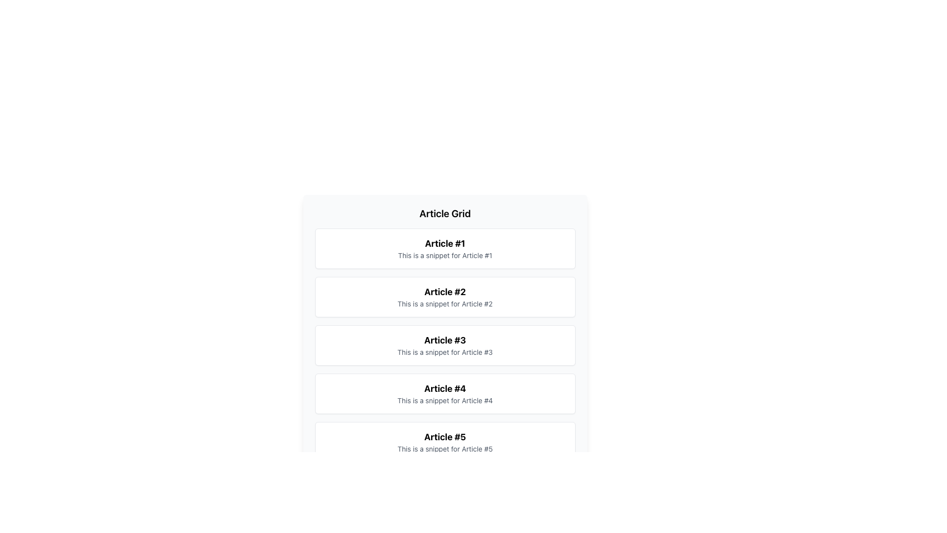 This screenshot has width=947, height=533. I want to click on the text snippet containing 'This is a snippet for Article #1', which is styled with small gray text and located below the bolder title 'Article #1' in a white card, so click(444, 255).